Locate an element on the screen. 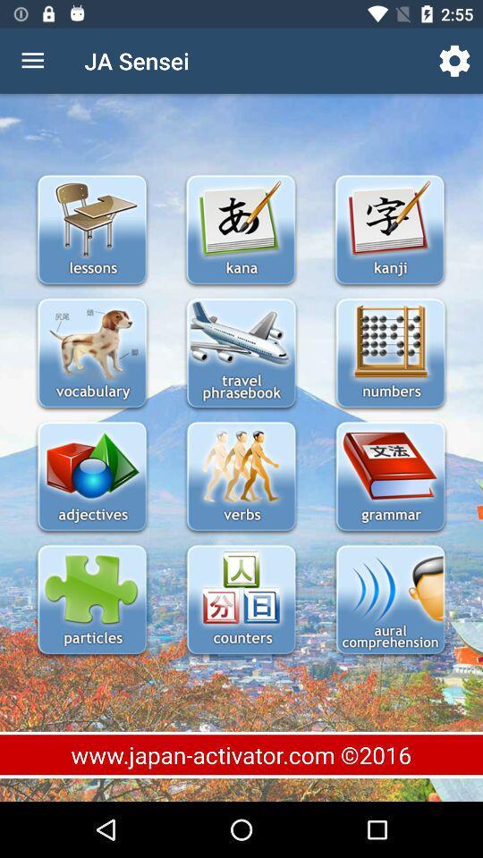 Image resolution: width=483 pixels, height=858 pixels. switch vocabulary option is located at coordinates (92, 354).